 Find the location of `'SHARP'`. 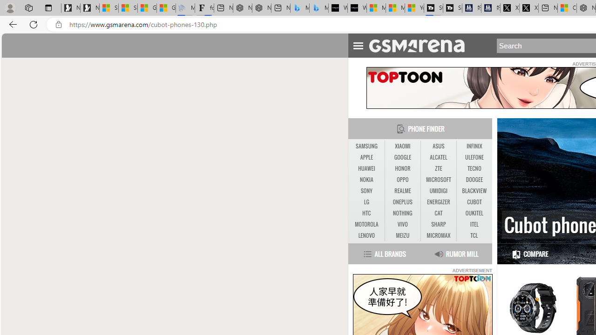

'SHARP' is located at coordinates (438, 225).